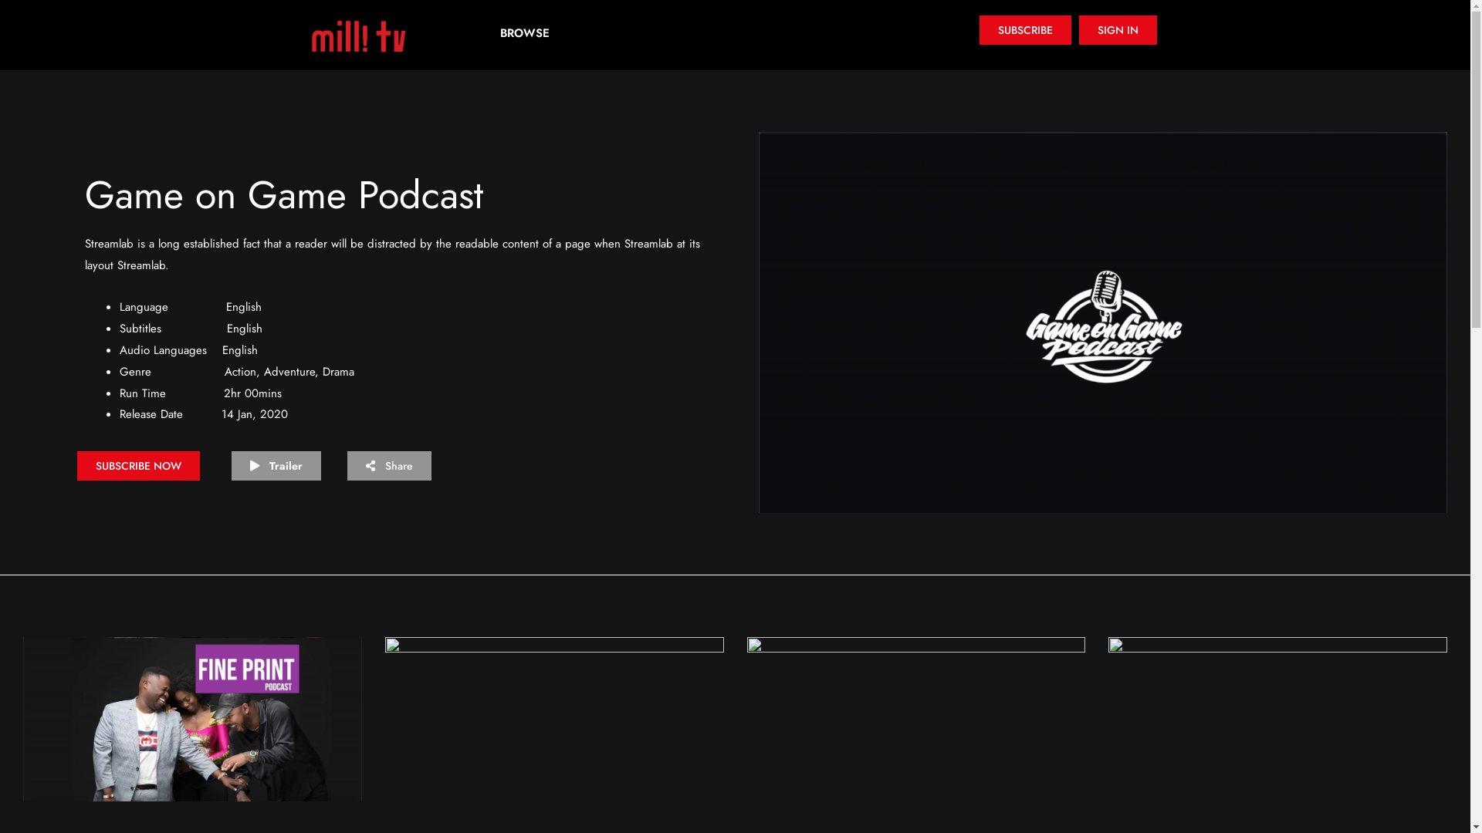 The image size is (1482, 833). I want to click on 'Share', so click(389, 465).